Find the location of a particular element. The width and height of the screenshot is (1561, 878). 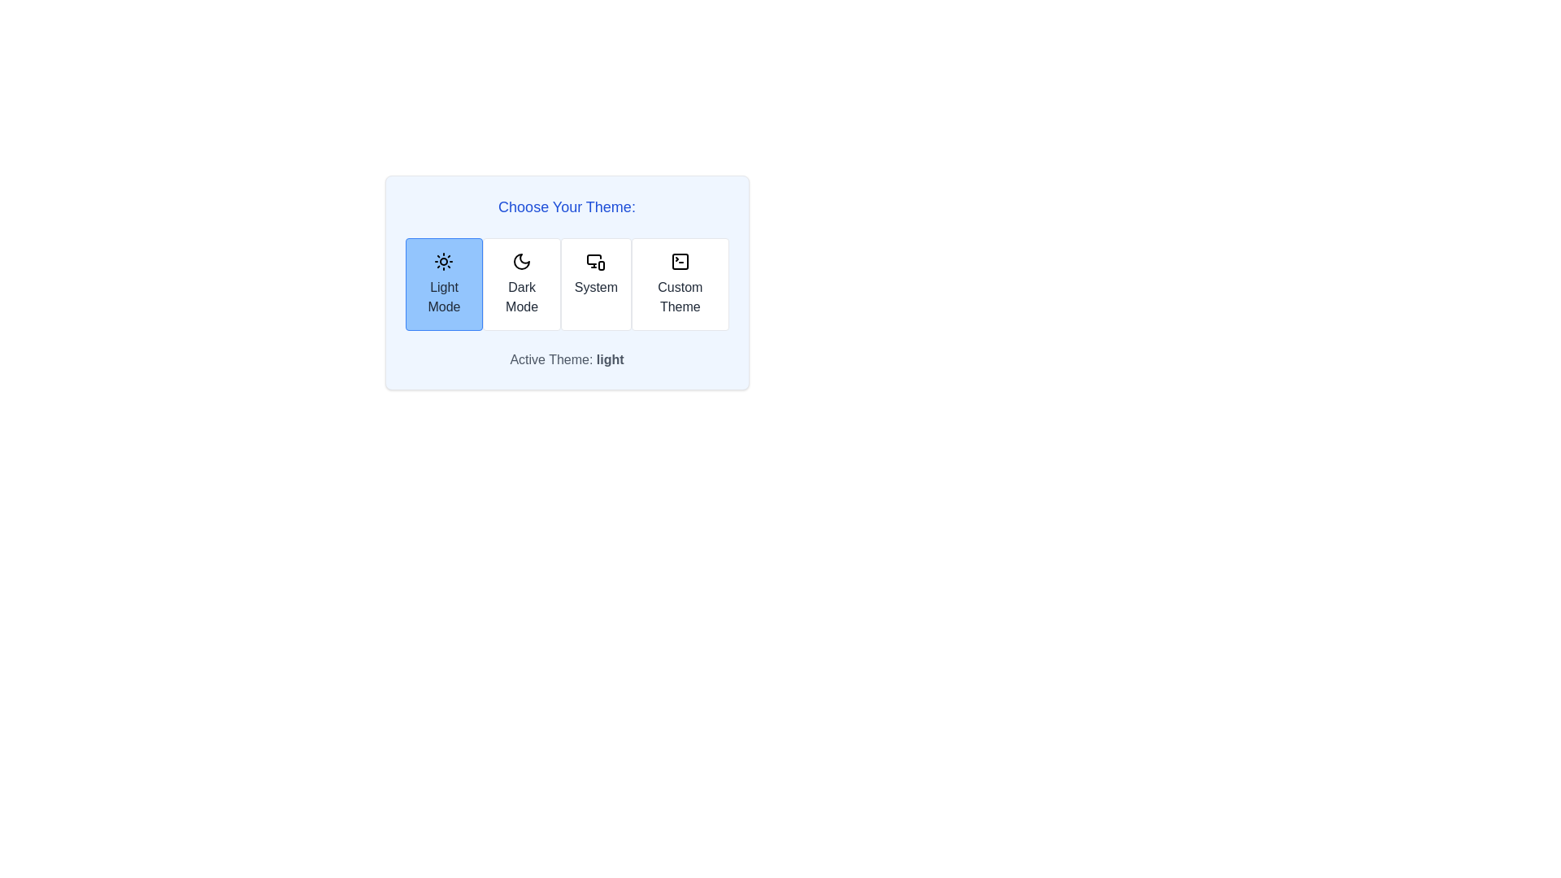

the theme option Light Mode by clicking on the corresponding button is located at coordinates (444, 284).